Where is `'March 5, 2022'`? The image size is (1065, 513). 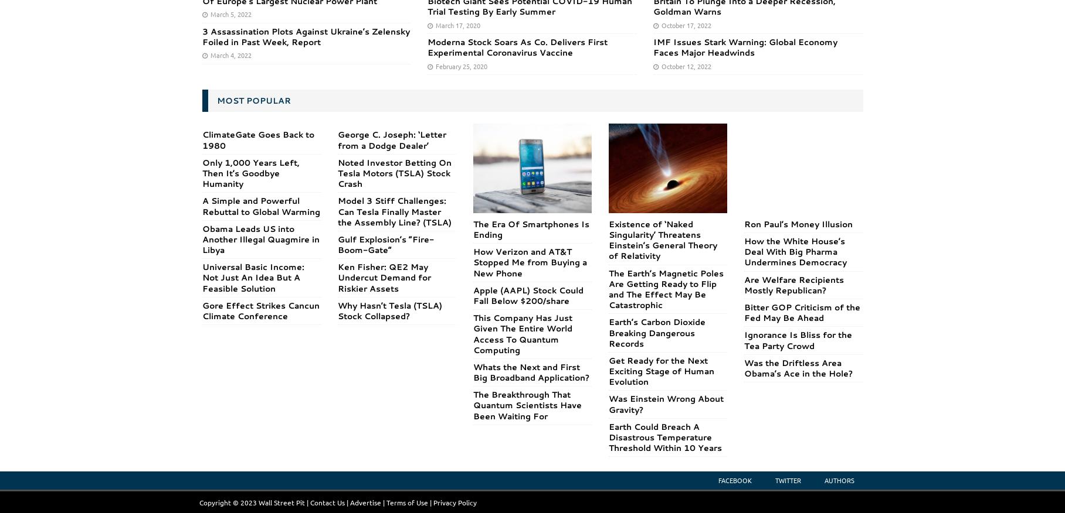 'March 5, 2022' is located at coordinates (229, 13).